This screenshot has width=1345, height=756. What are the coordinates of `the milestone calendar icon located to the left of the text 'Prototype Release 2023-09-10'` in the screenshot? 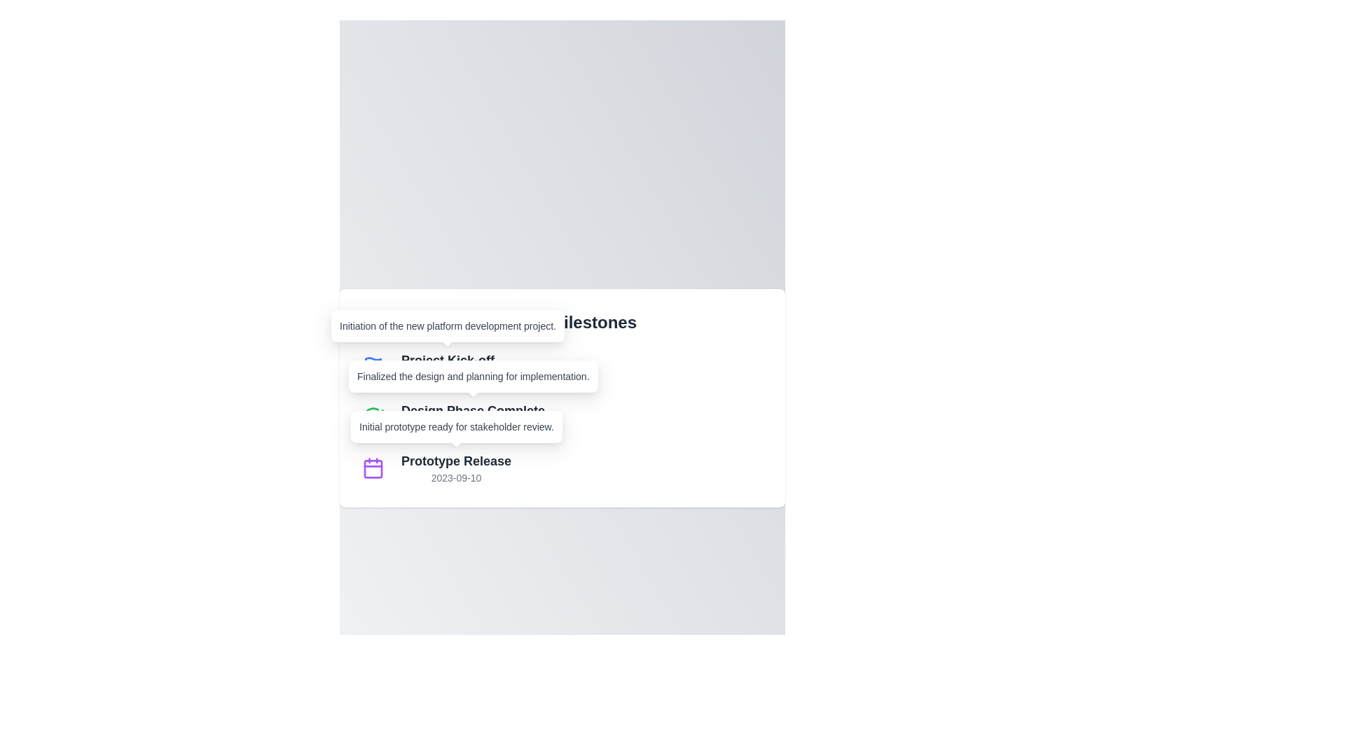 It's located at (373, 468).